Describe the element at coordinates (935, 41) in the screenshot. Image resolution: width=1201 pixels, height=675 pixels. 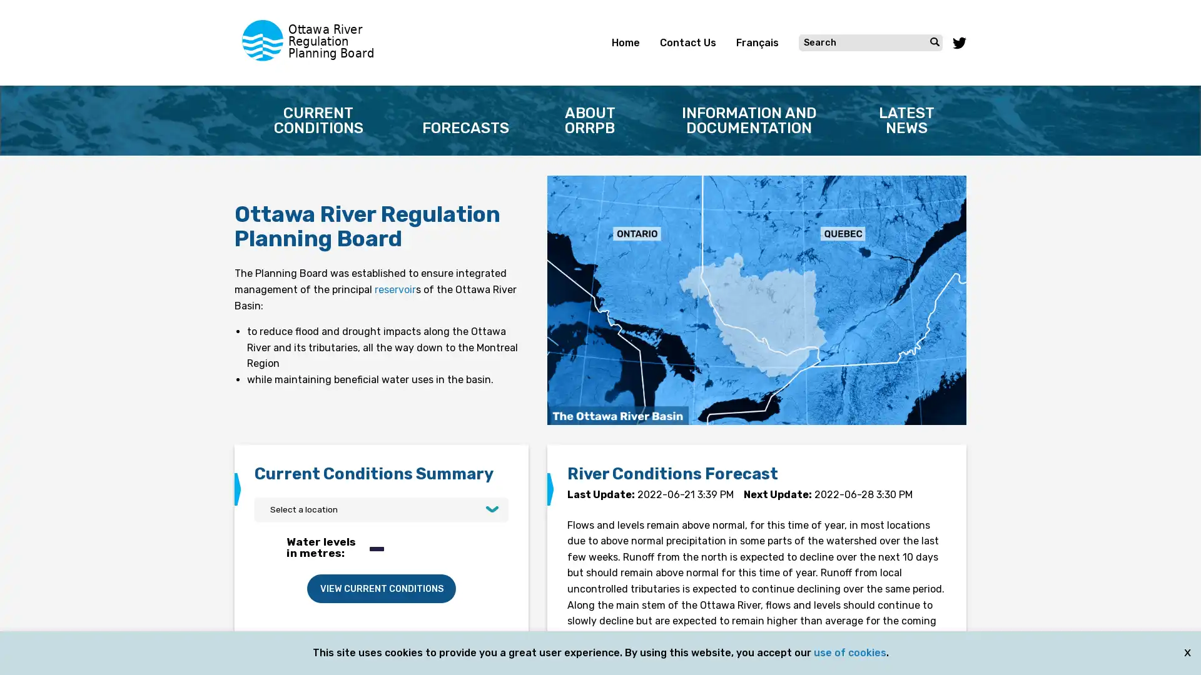
I see `Search` at that location.